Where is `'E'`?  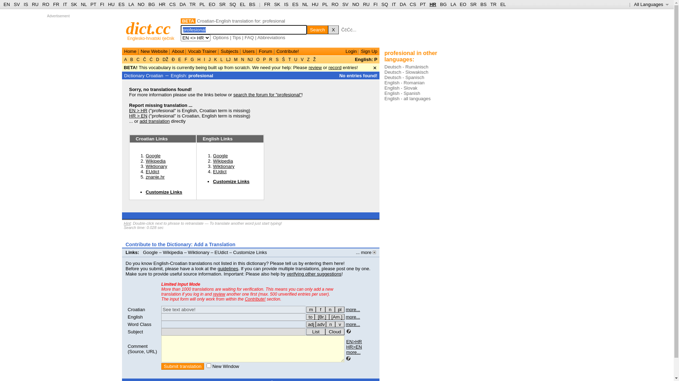 'E' is located at coordinates (177, 59).